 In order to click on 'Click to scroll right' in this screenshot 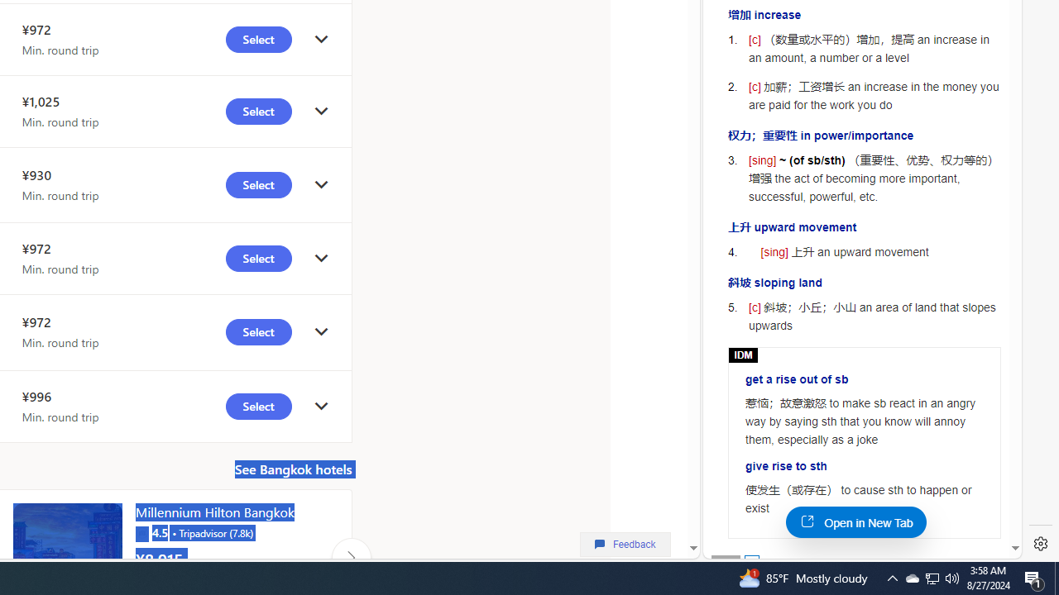, I will do `click(350, 557)`.